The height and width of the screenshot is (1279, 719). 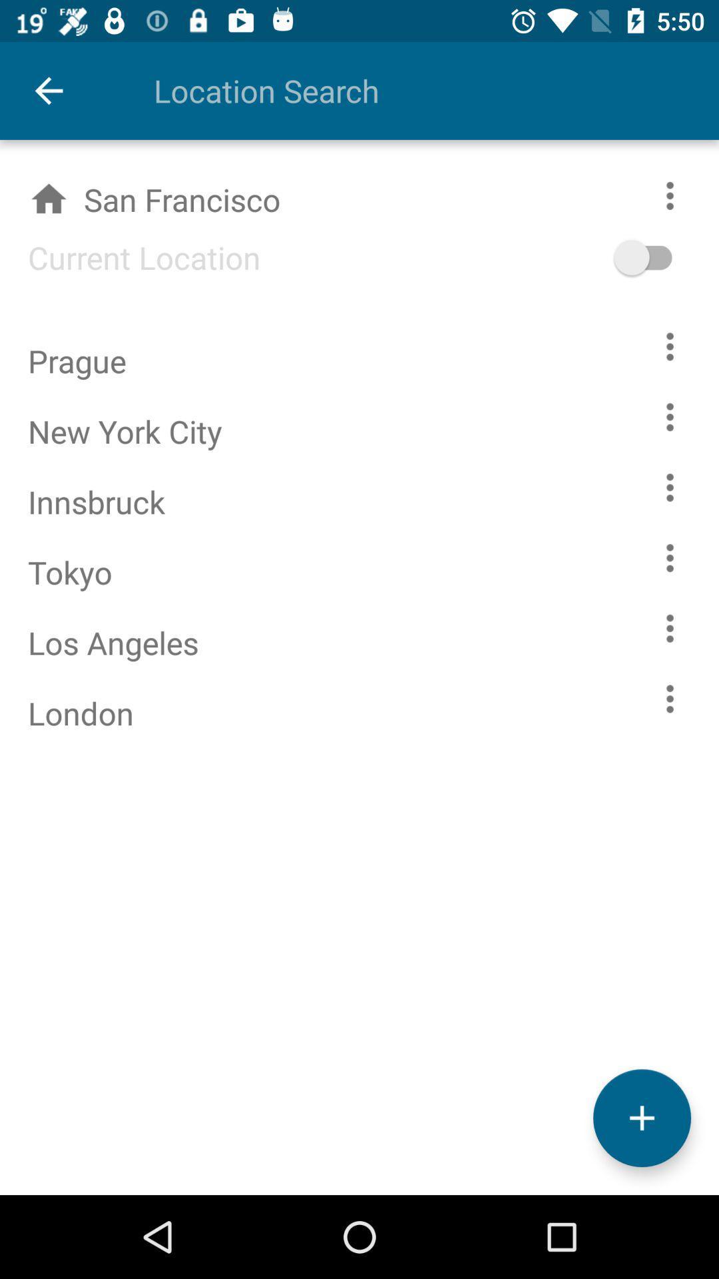 I want to click on icon to the right of san francisco icon, so click(x=663, y=257).